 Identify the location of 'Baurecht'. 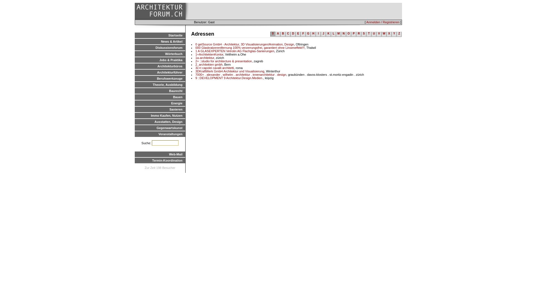
(160, 91).